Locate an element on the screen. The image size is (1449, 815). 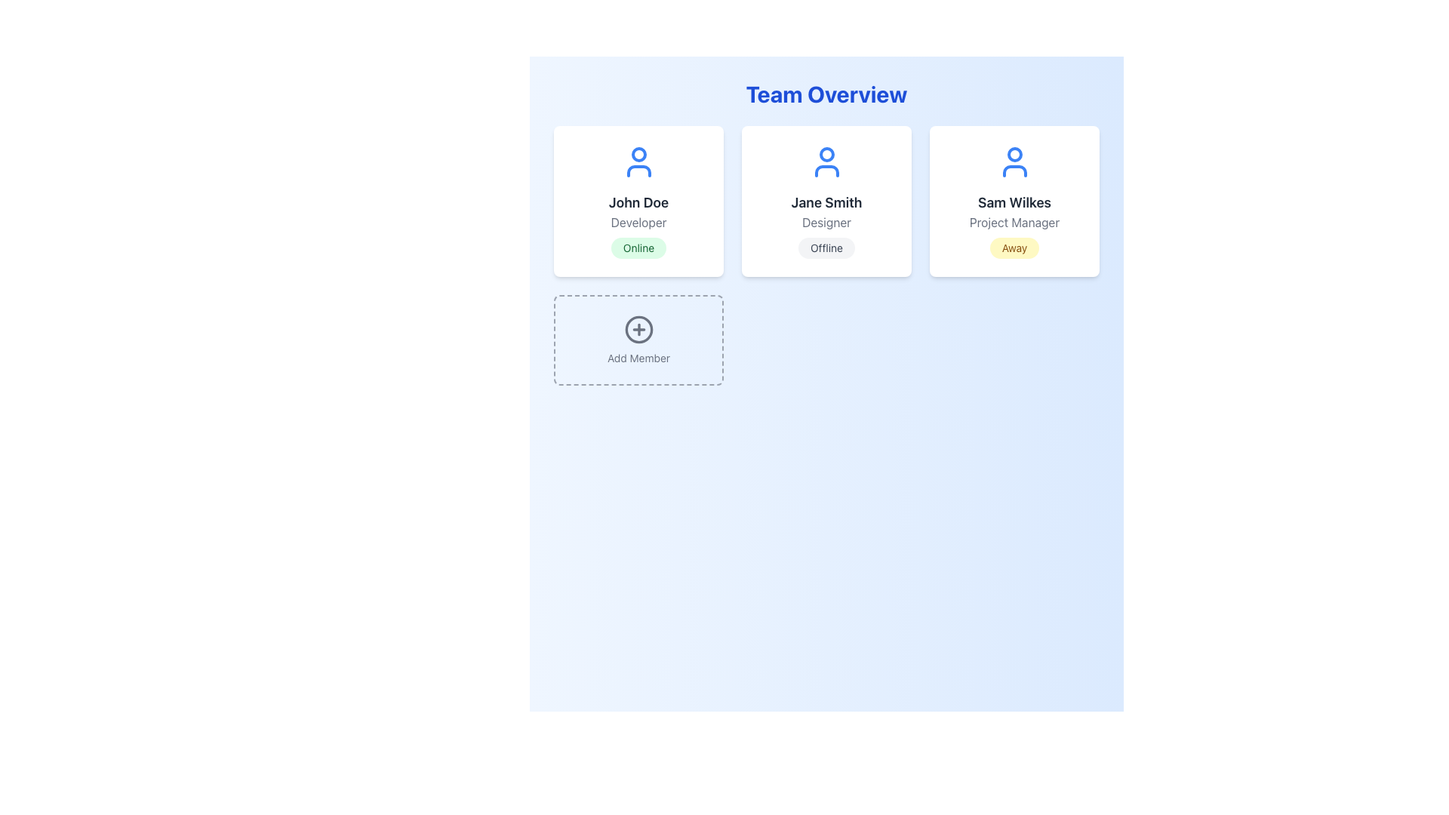
the user profile overview card displaying the individual's name, role, and current status, which is the third card in the row from left to right in the grid layout is located at coordinates (1014, 200).